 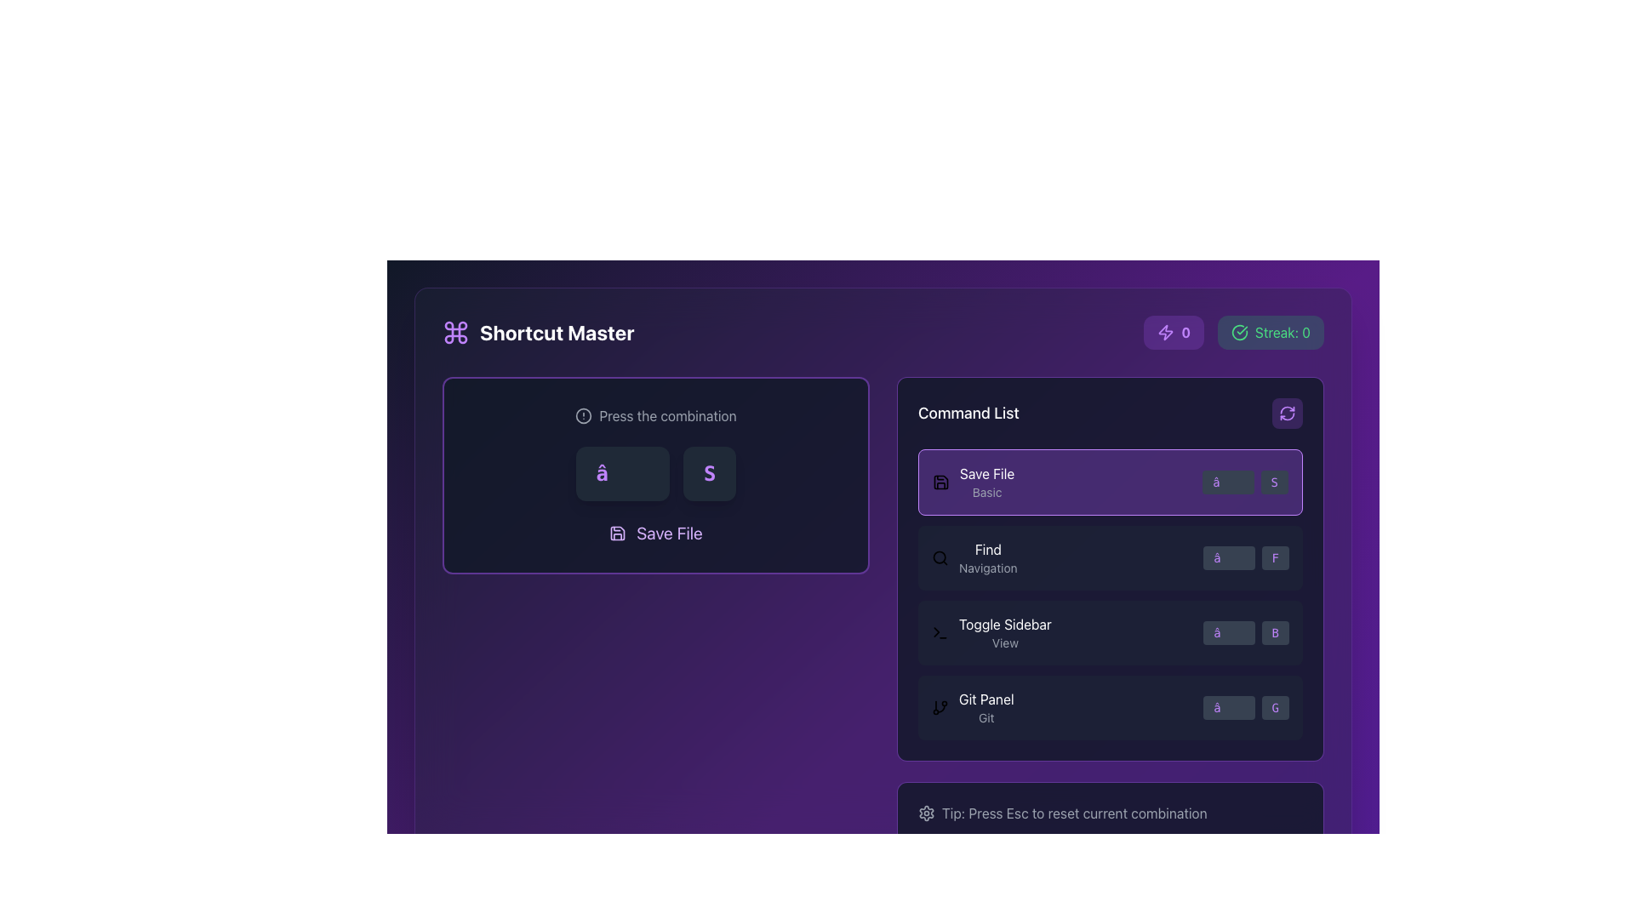 What do you see at coordinates (1111, 813) in the screenshot?
I see `guidance message in the Informational text section with a gear icon, which advises to press Esc to reset the current combination` at bounding box center [1111, 813].